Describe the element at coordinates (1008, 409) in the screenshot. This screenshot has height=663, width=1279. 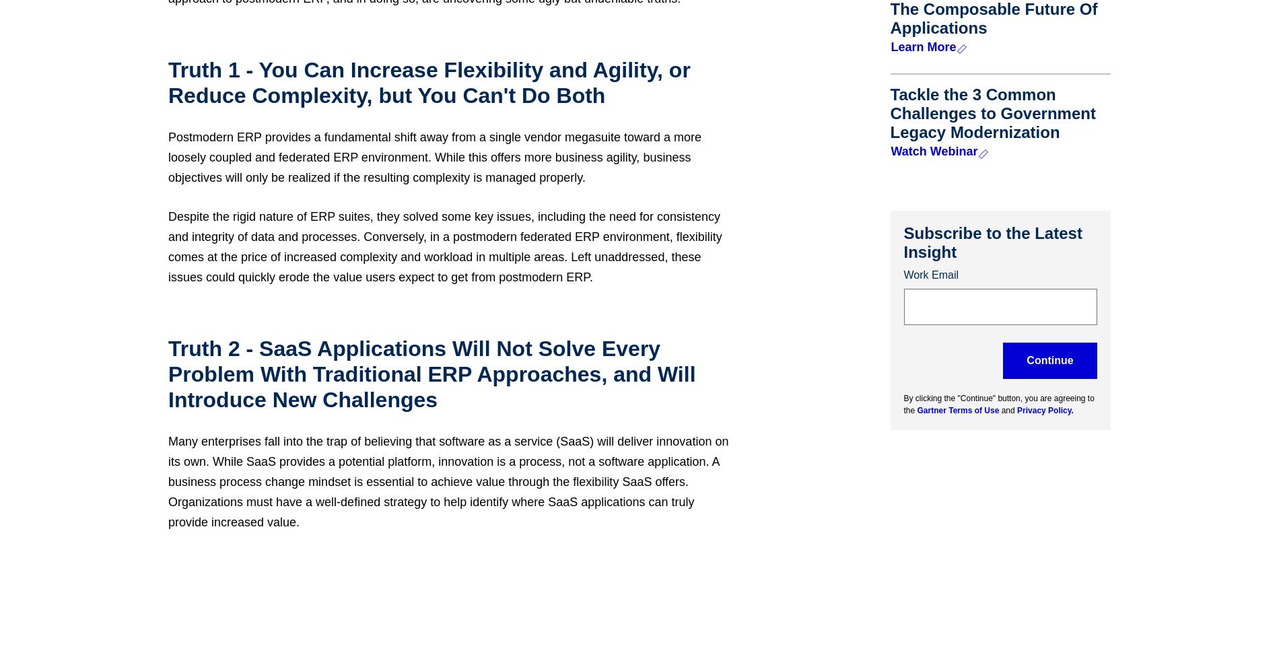
I see `'and'` at that location.